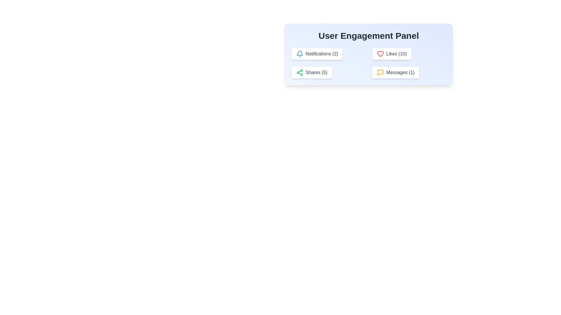 The image size is (561, 315). What do you see at coordinates (392, 54) in the screenshot?
I see `the Interactive button with a heart icon and text label 'Likes (10)'` at bounding box center [392, 54].